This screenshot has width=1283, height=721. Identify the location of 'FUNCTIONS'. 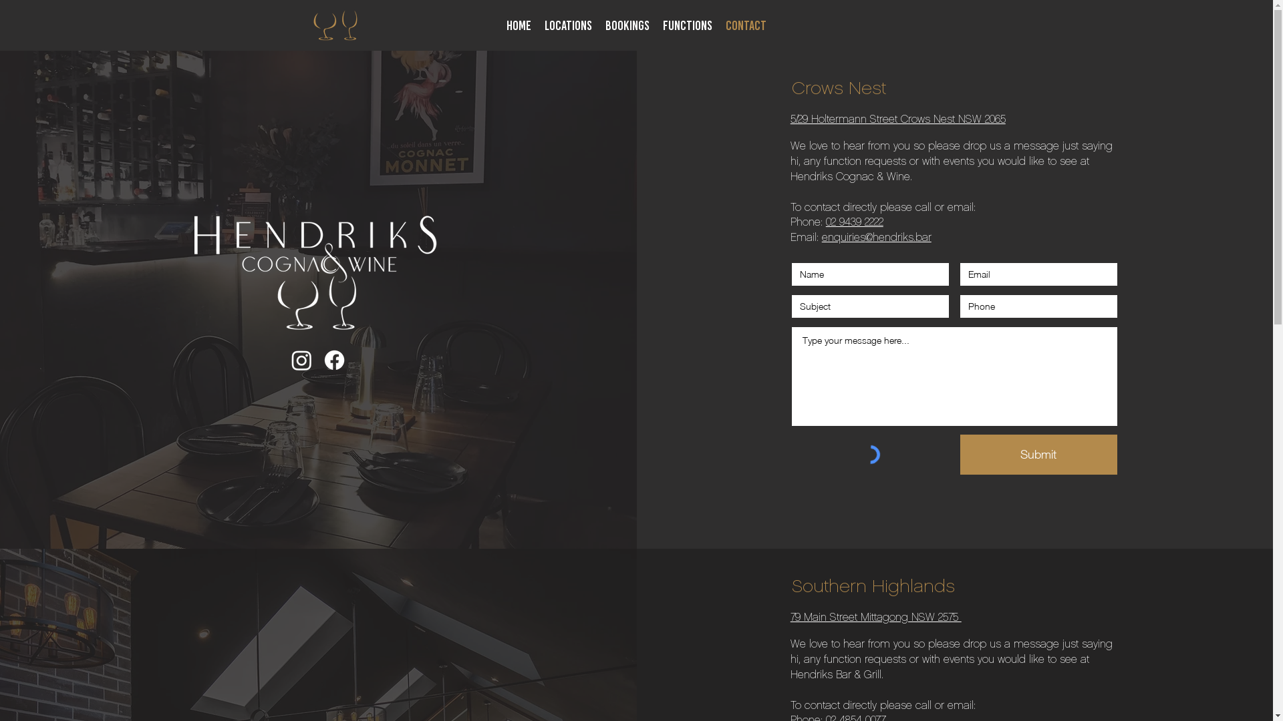
(687, 25).